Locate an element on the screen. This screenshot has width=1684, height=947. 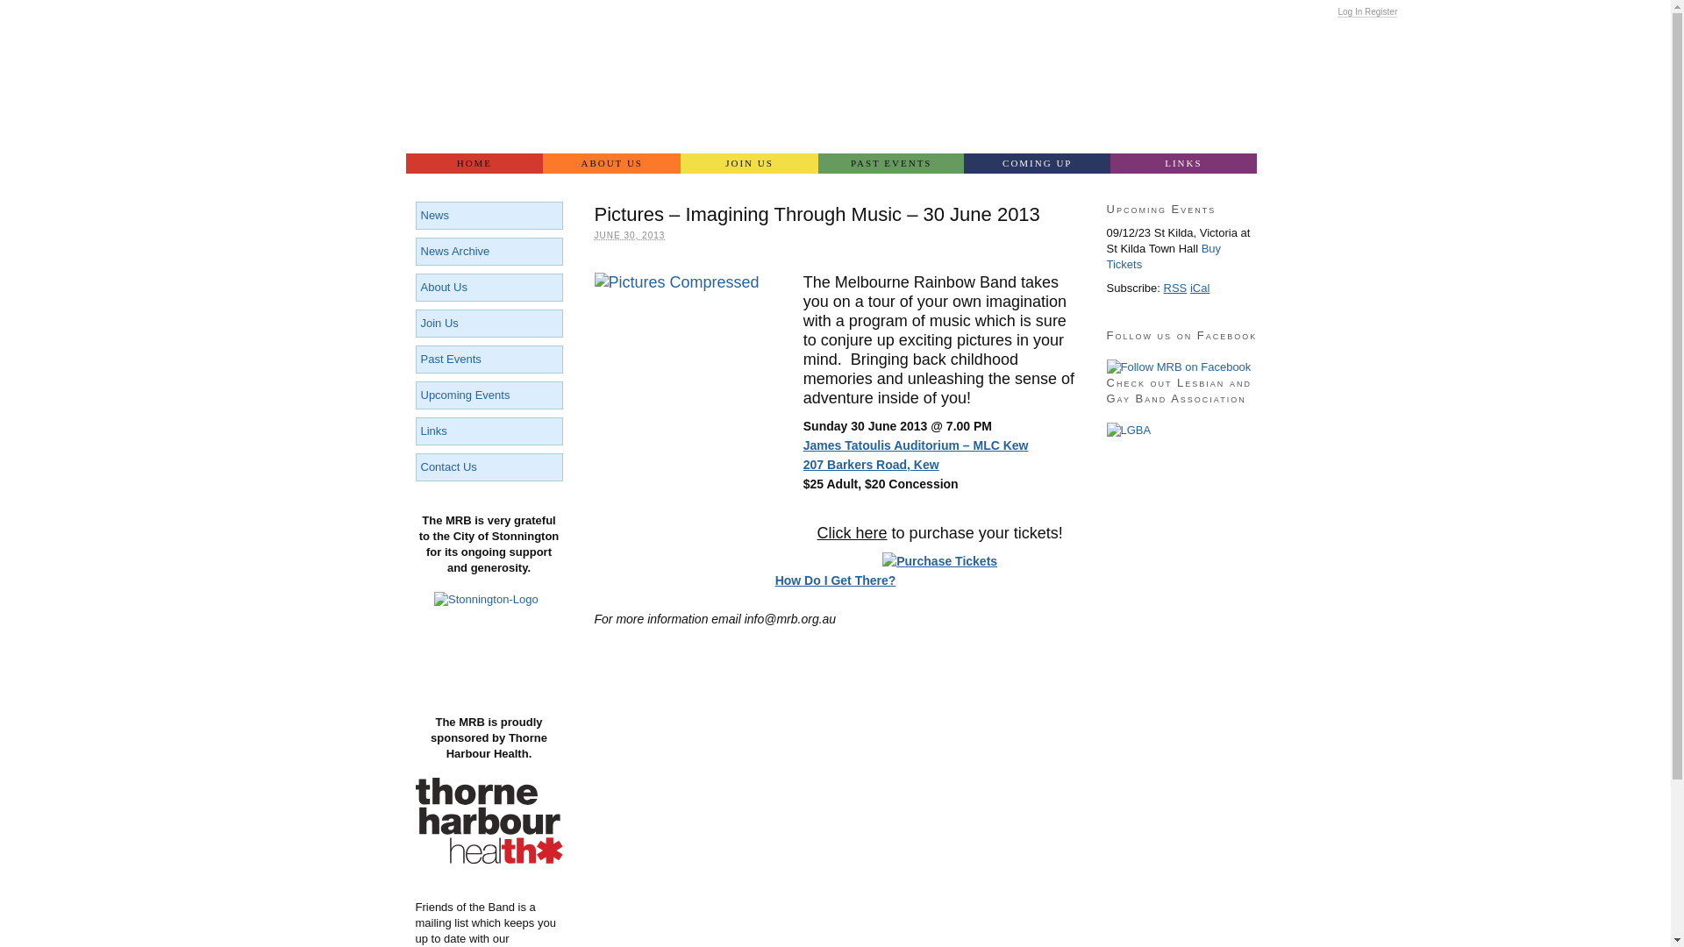
'JOIN US' is located at coordinates (680, 163).